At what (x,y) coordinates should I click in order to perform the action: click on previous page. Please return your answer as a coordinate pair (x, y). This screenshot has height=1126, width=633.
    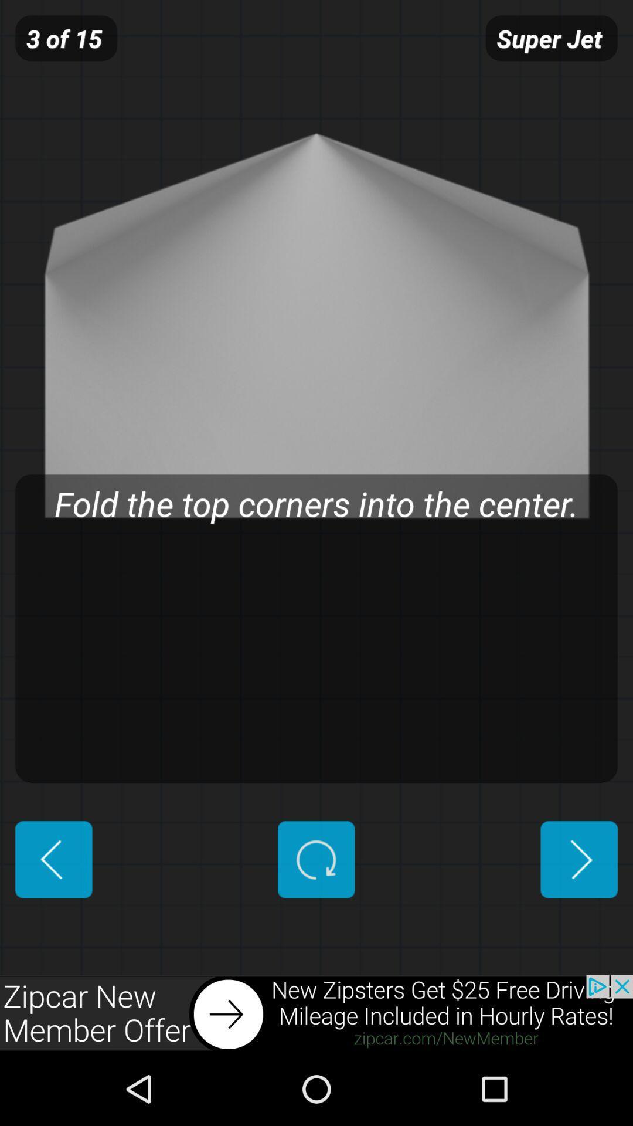
    Looking at the image, I should click on (53, 859).